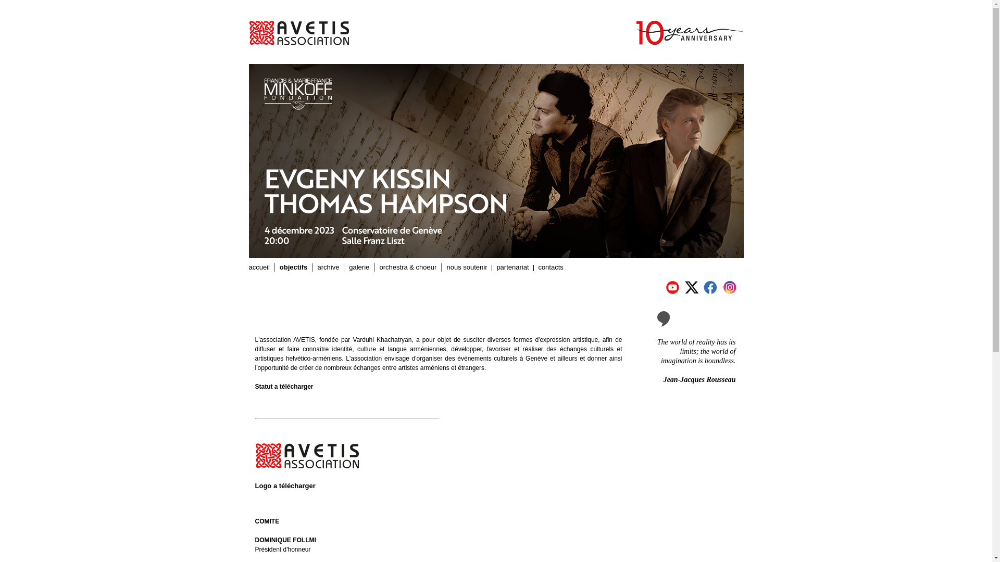 The height and width of the screenshot is (562, 1000). I want to click on 'galerie', so click(359, 266).